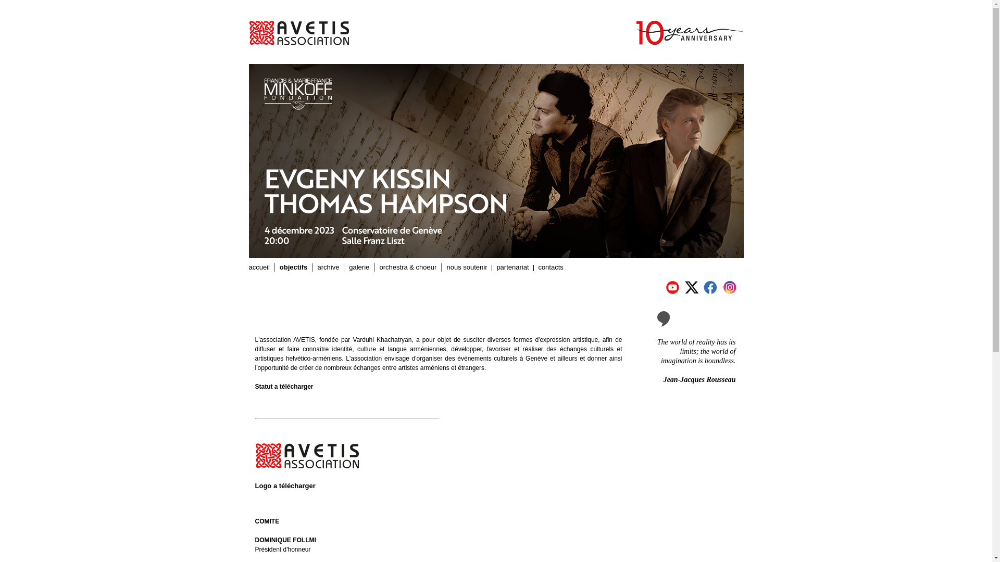 The height and width of the screenshot is (562, 1000). I want to click on 'galerie', so click(359, 266).